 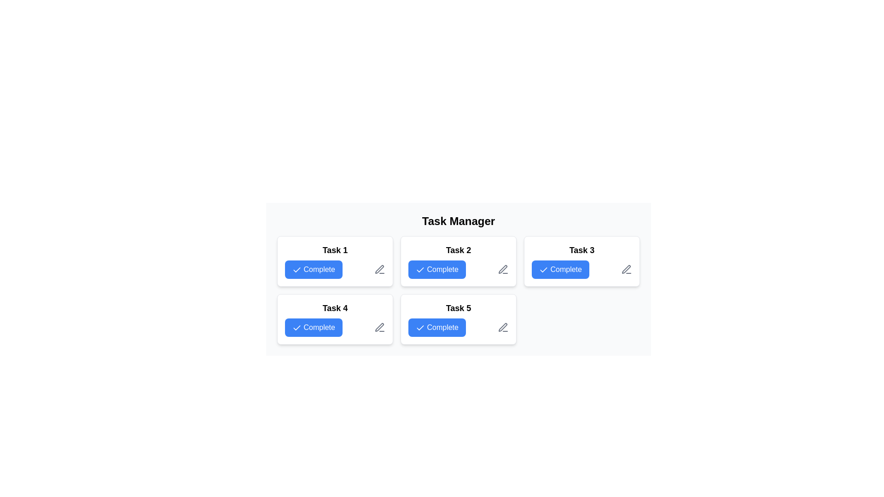 I want to click on the checkmark icon within the 'Complete' button for 'Task 2', which is styled with a blue background and features a white checkmark on the left side, so click(x=543, y=269).